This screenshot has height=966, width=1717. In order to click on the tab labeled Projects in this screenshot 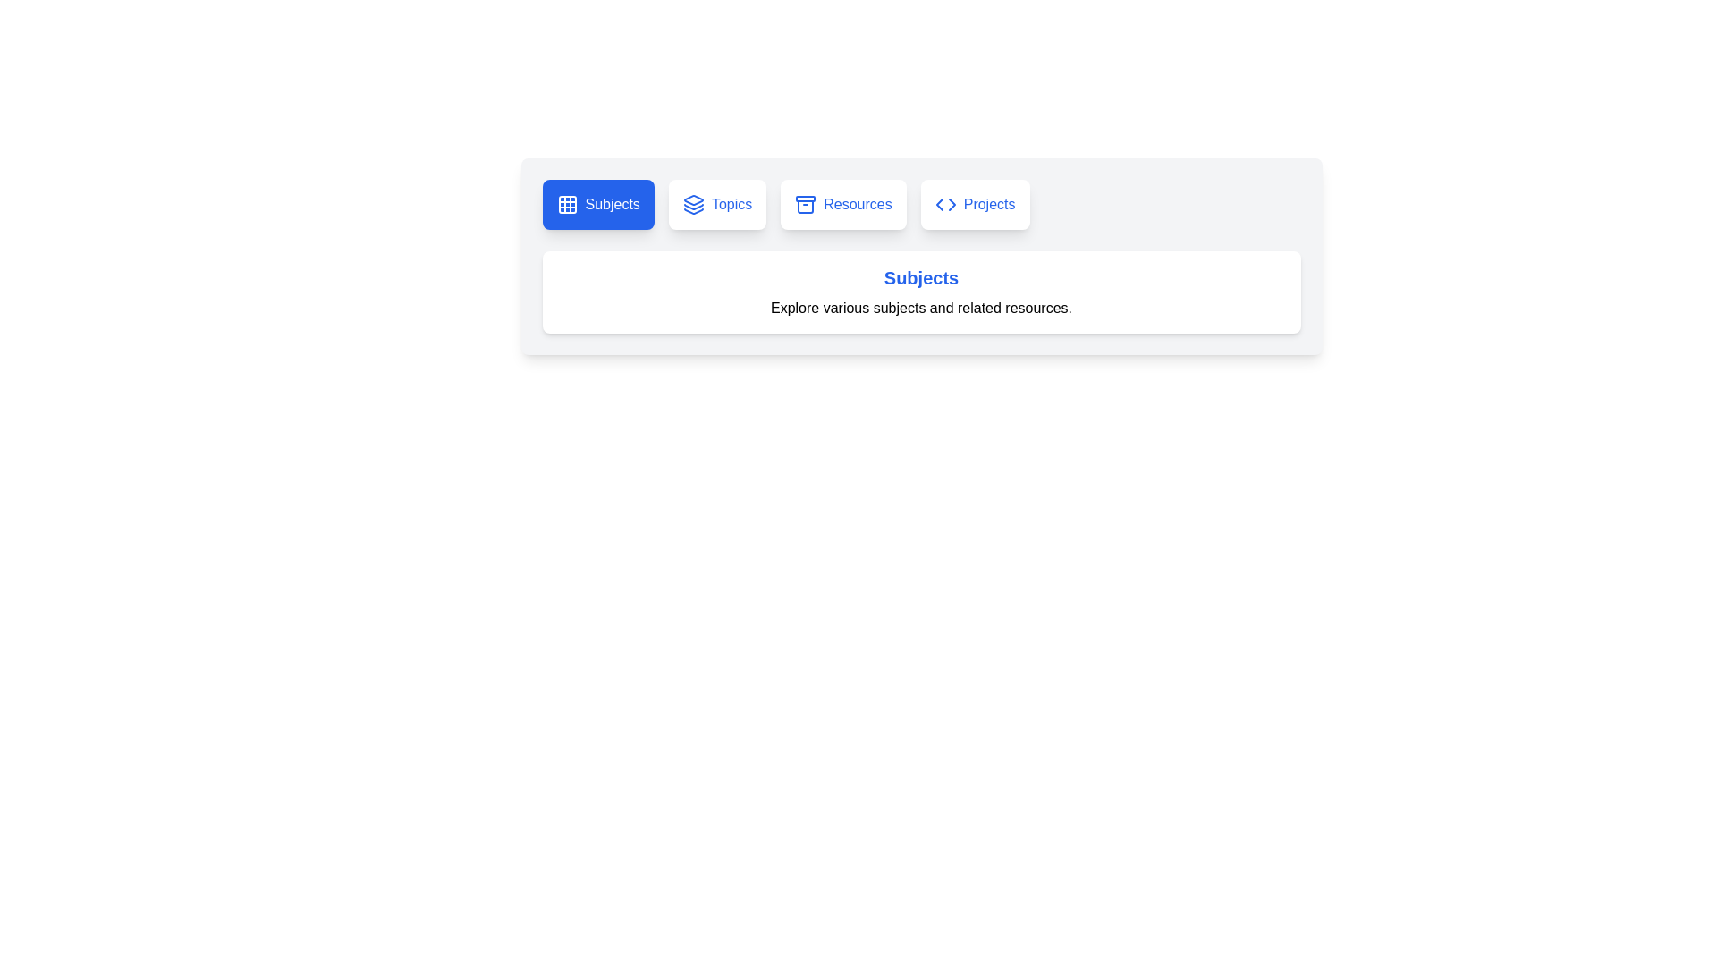, I will do `click(974, 203)`.